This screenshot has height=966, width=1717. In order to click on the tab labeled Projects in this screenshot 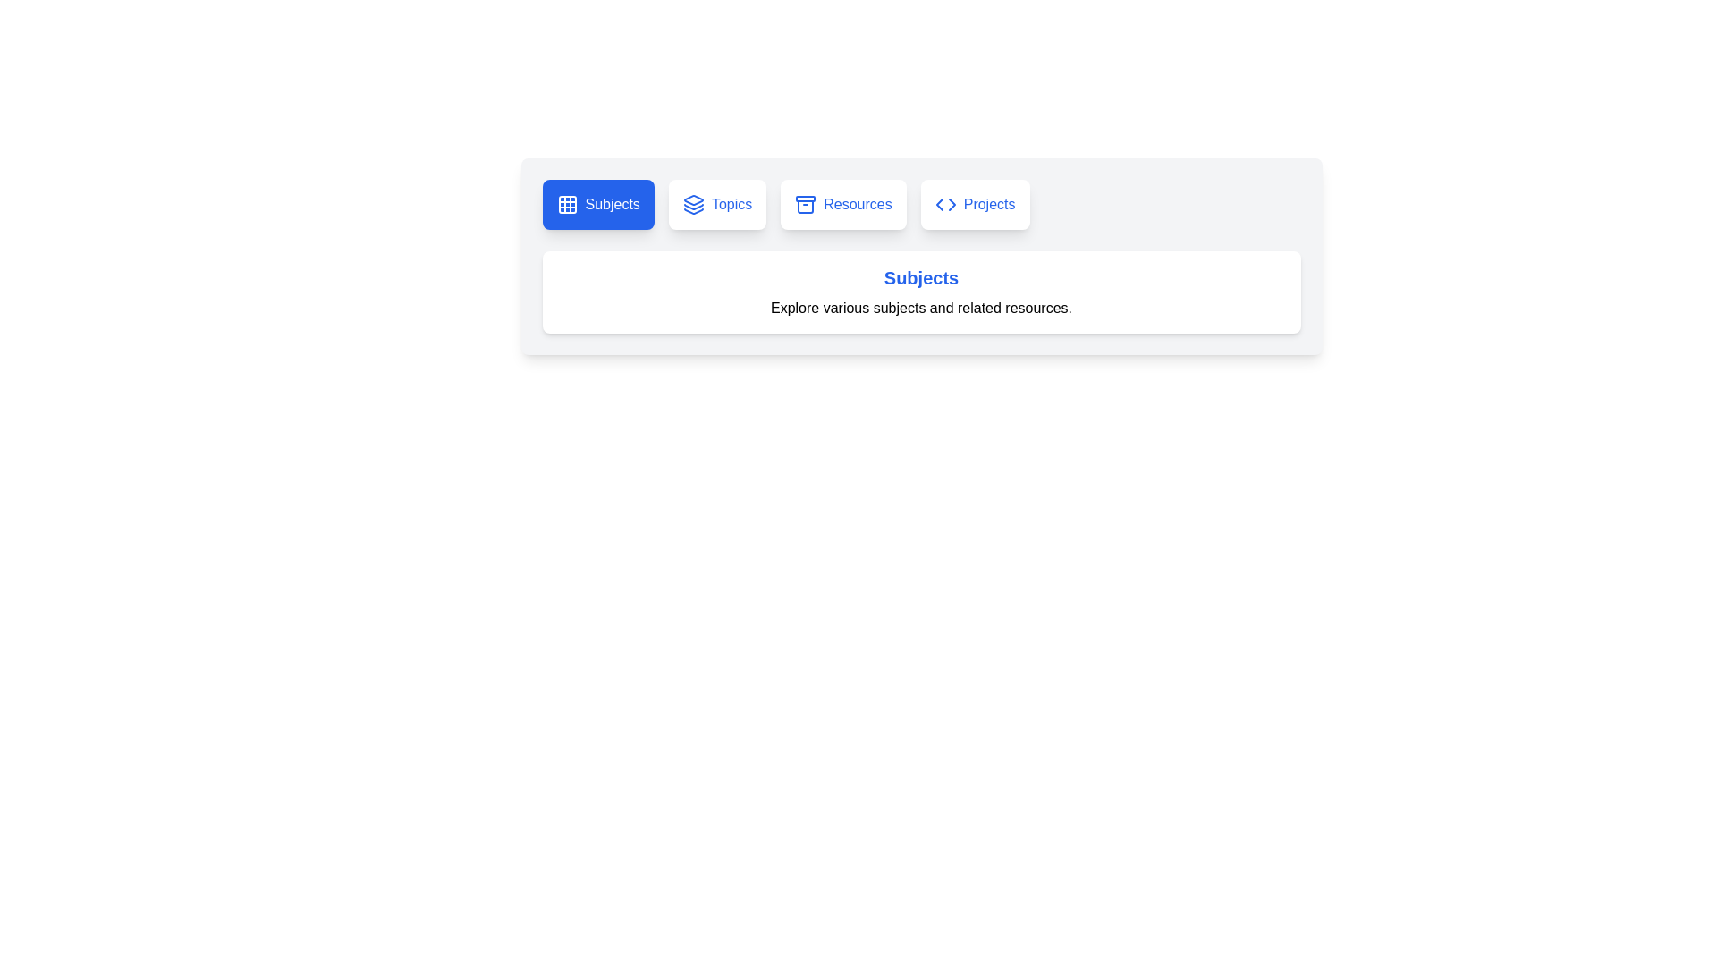, I will do `click(974, 203)`.